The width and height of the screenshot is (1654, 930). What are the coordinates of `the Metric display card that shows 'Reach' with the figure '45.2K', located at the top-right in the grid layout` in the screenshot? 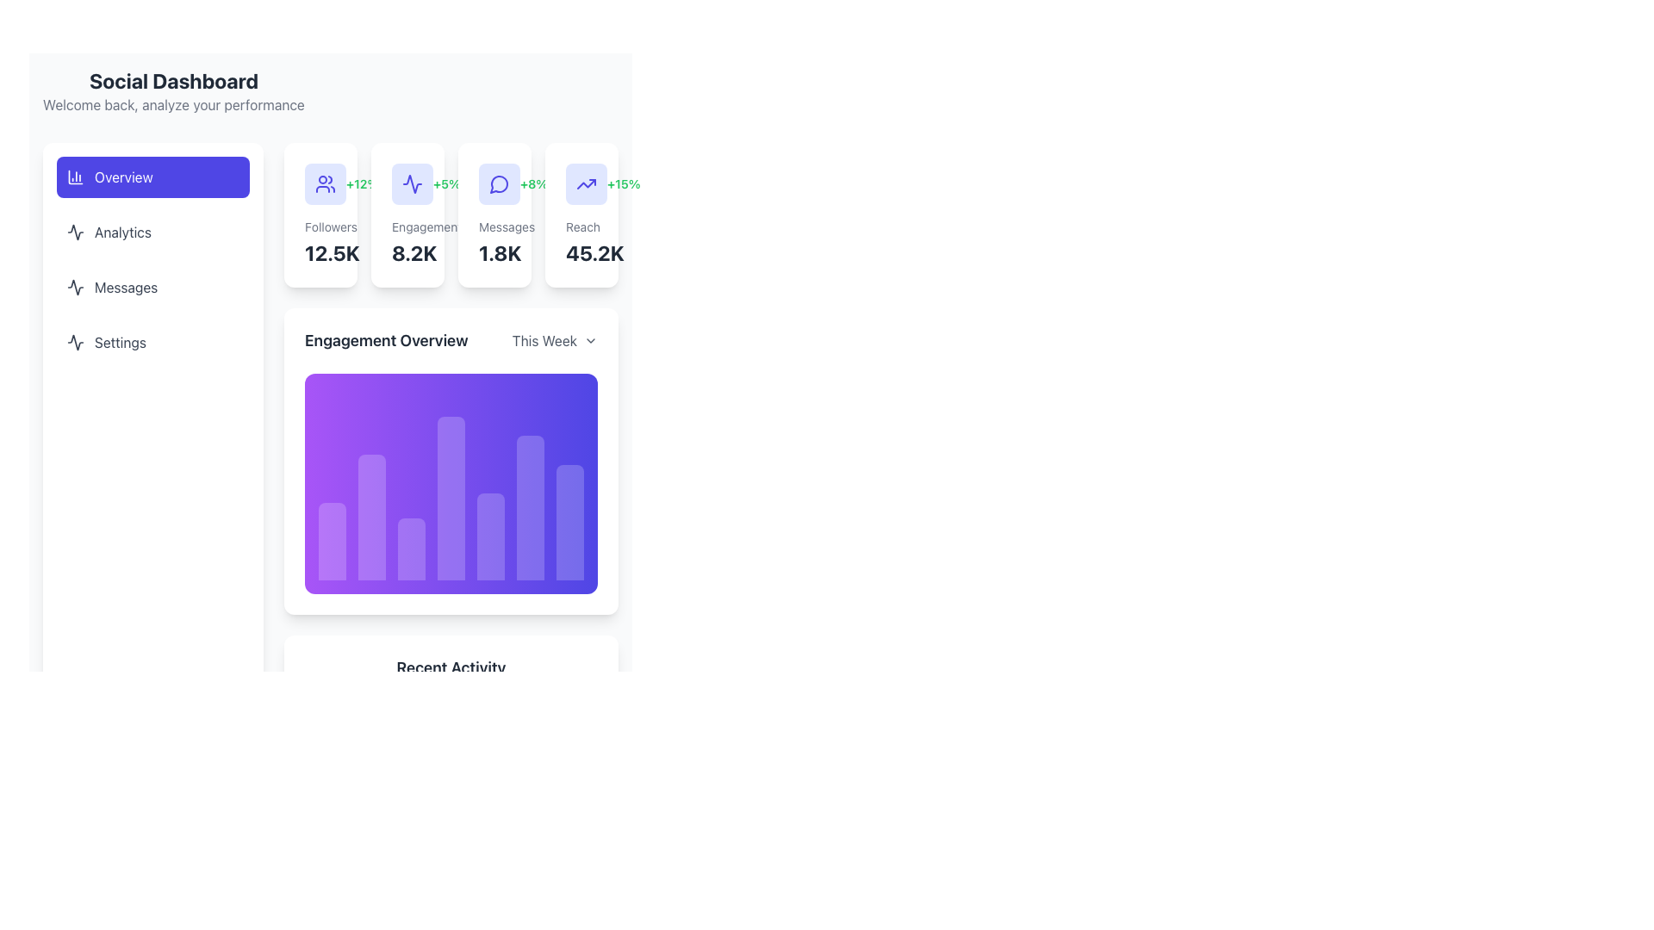 It's located at (581, 214).